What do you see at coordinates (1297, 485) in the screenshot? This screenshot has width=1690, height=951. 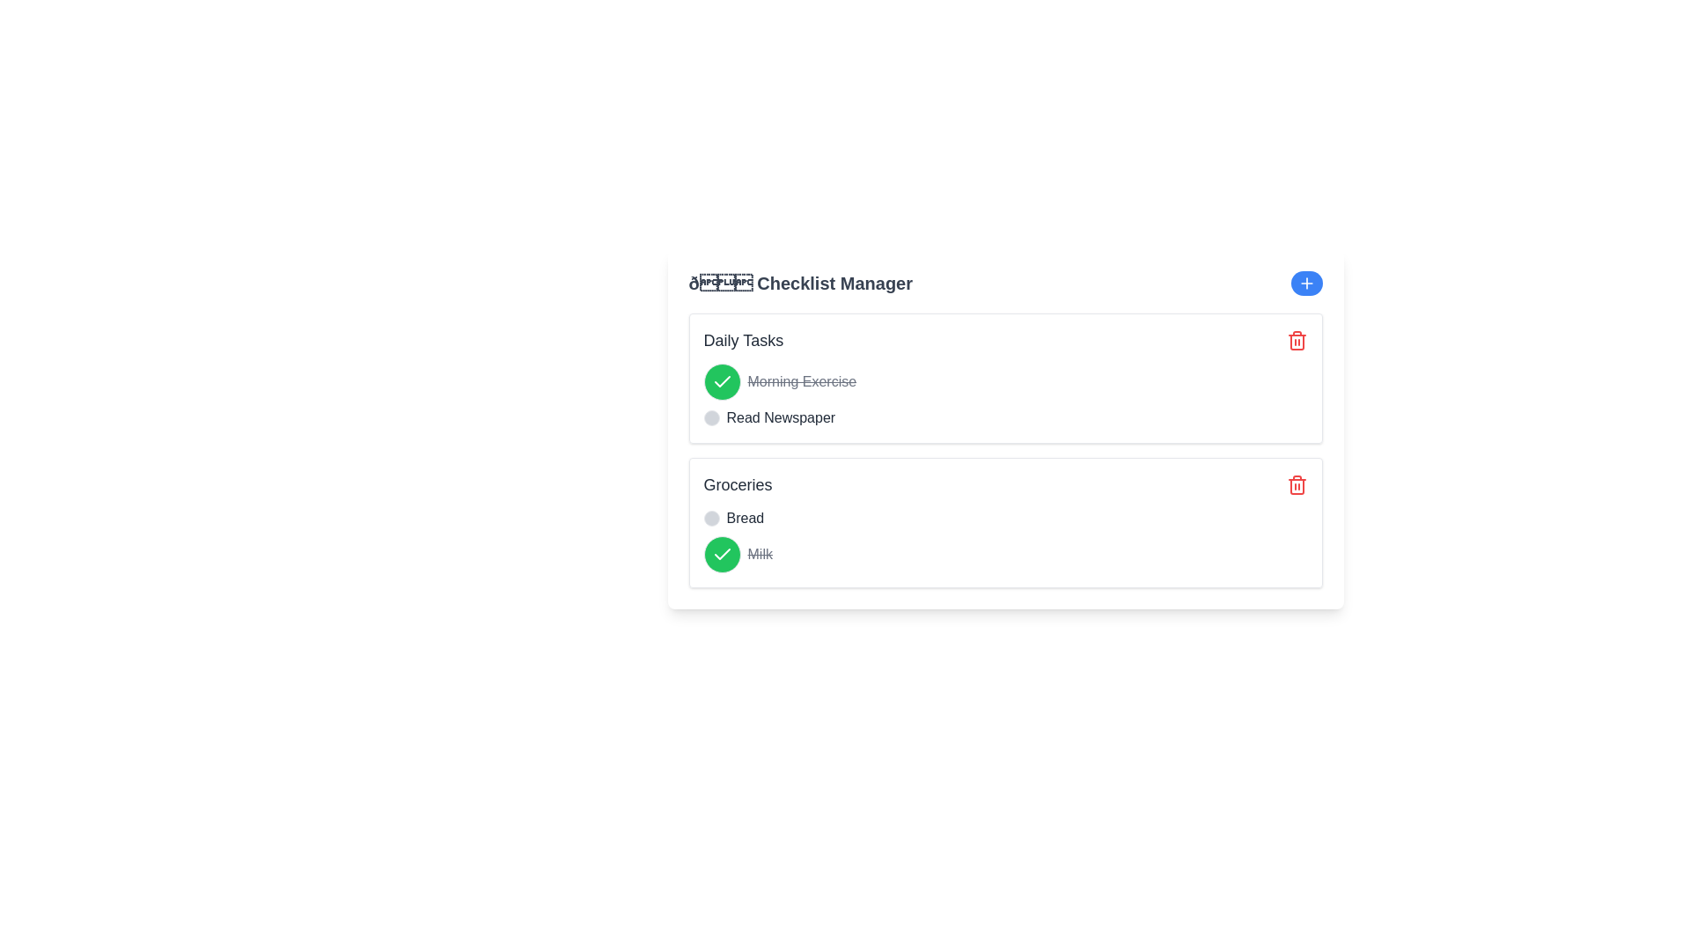 I see `the red trash can icon button located to the right of the 'Groceries' text` at bounding box center [1297, 485].